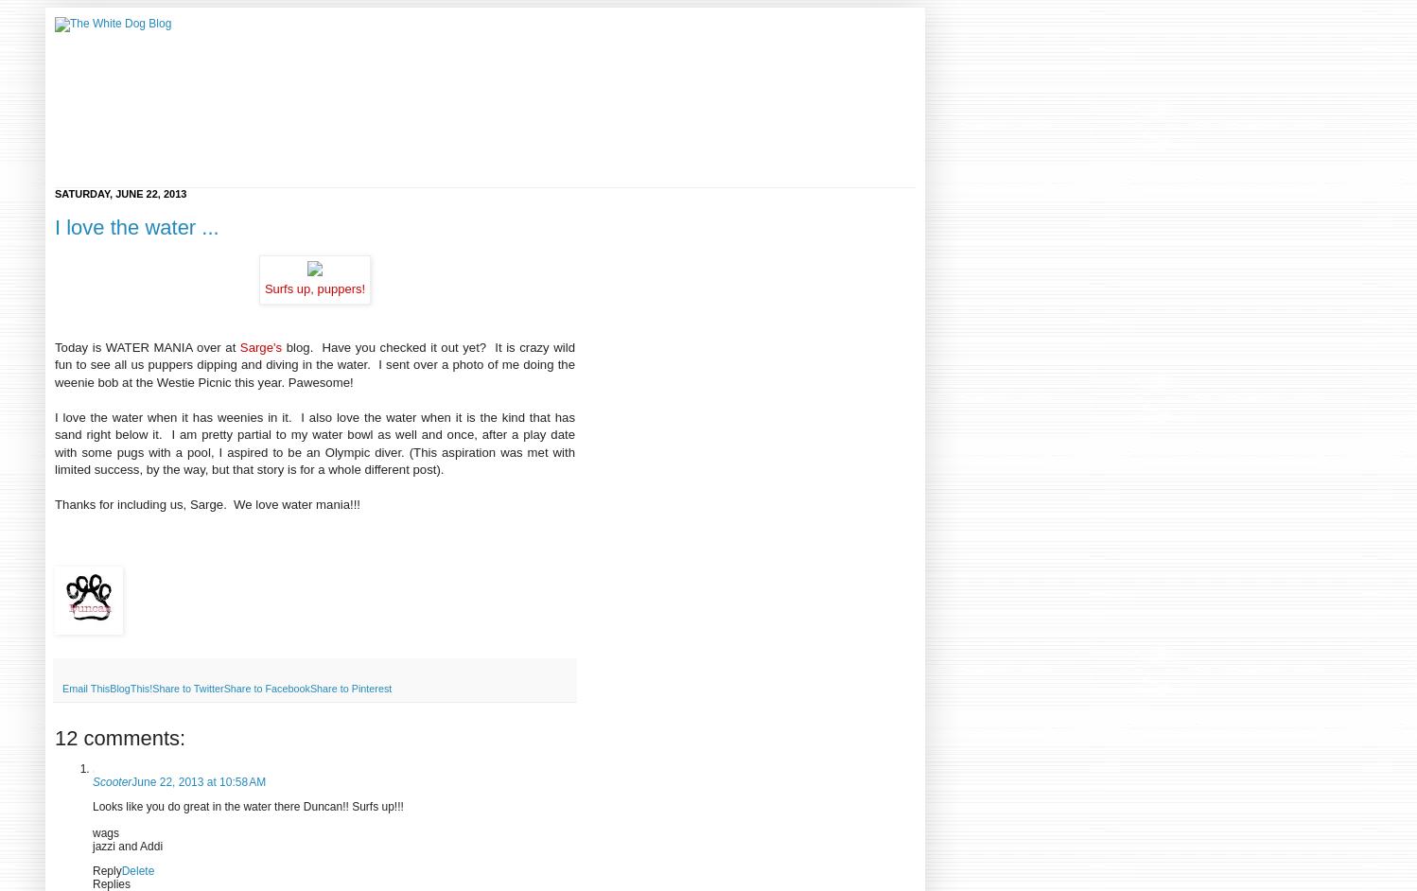 This screenshot has width=1417, height=891. Describe the element at coordinates (53, 502) in the screenshot. I see `'Thanks for including us, Sarge.  We love water mania!!!'` at that location.